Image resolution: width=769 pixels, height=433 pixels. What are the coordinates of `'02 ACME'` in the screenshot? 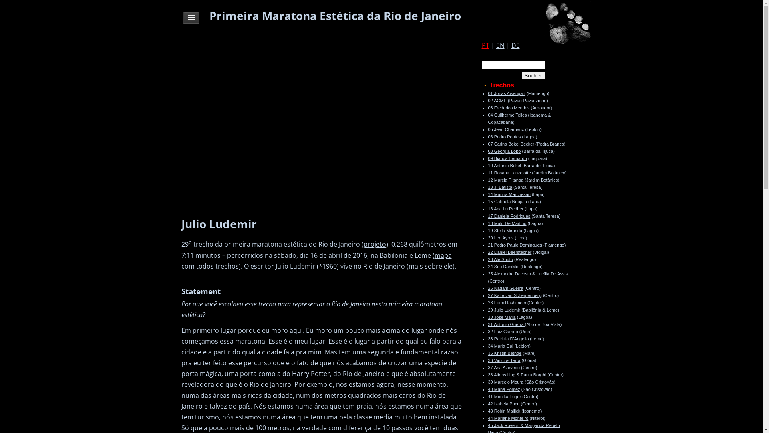 It's located at (497, 100).